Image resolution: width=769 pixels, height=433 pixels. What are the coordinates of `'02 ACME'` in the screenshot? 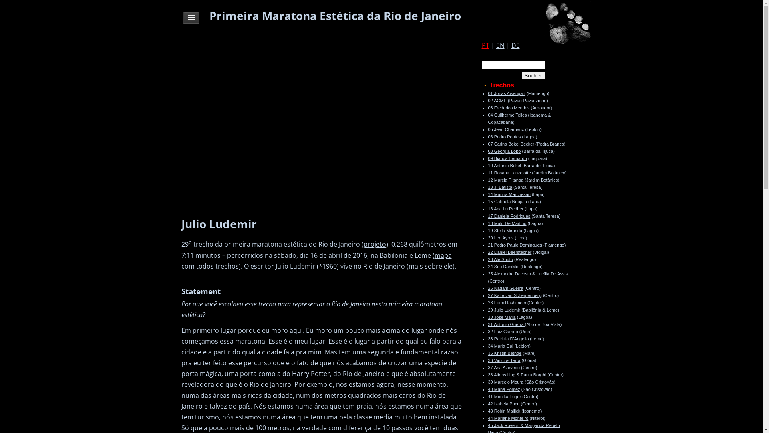 It's located at (497, 100).